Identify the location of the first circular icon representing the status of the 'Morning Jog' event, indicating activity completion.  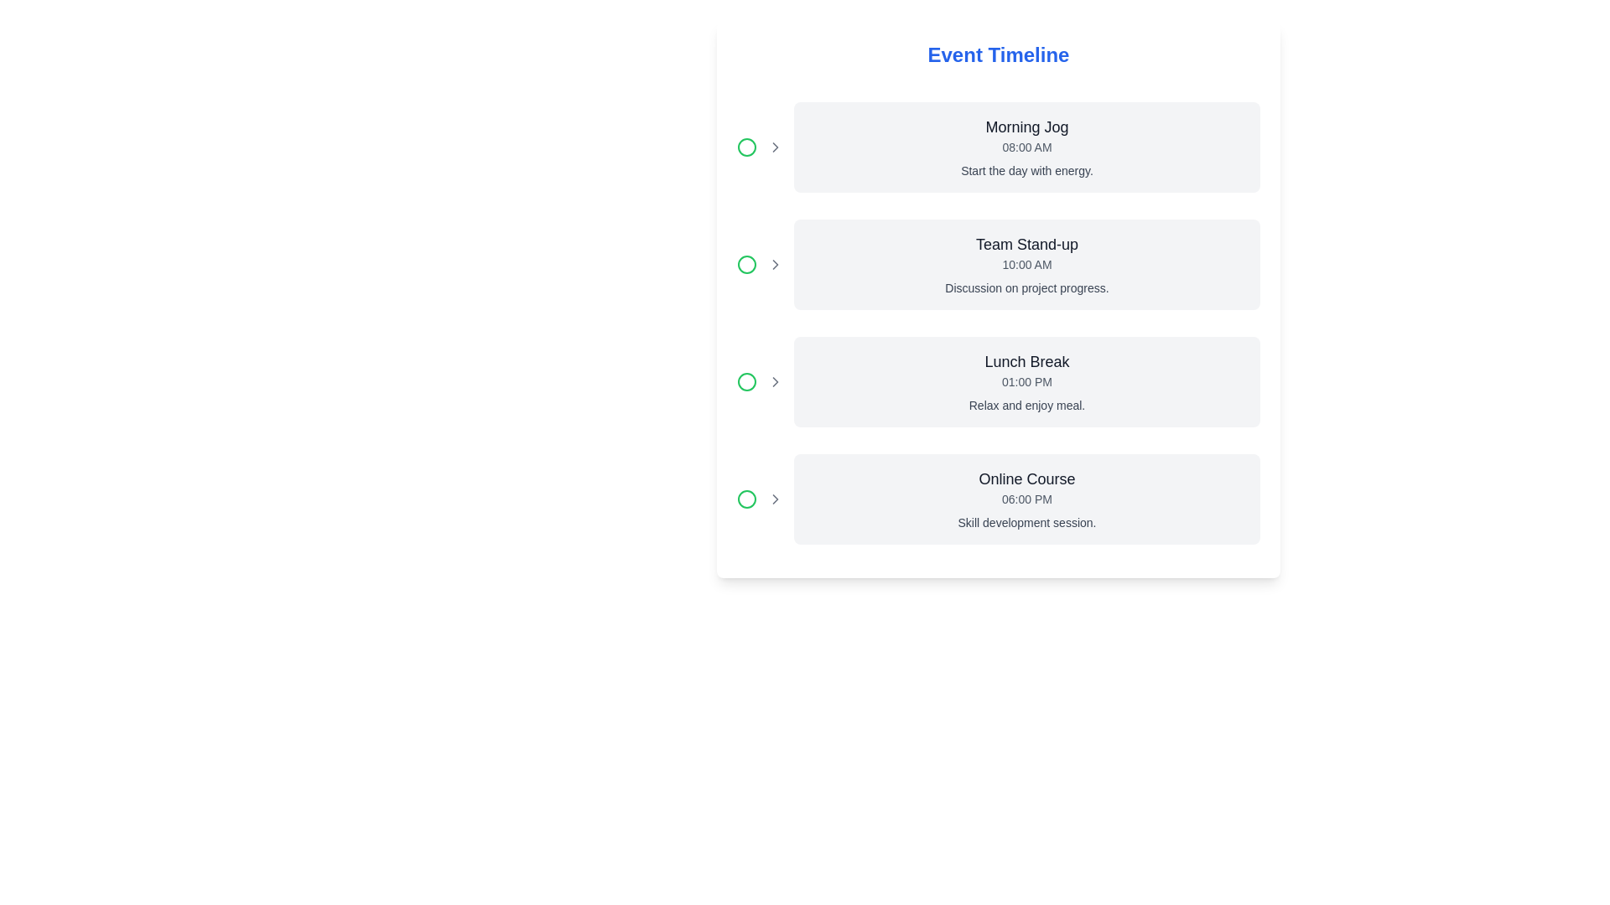
(746, 147).